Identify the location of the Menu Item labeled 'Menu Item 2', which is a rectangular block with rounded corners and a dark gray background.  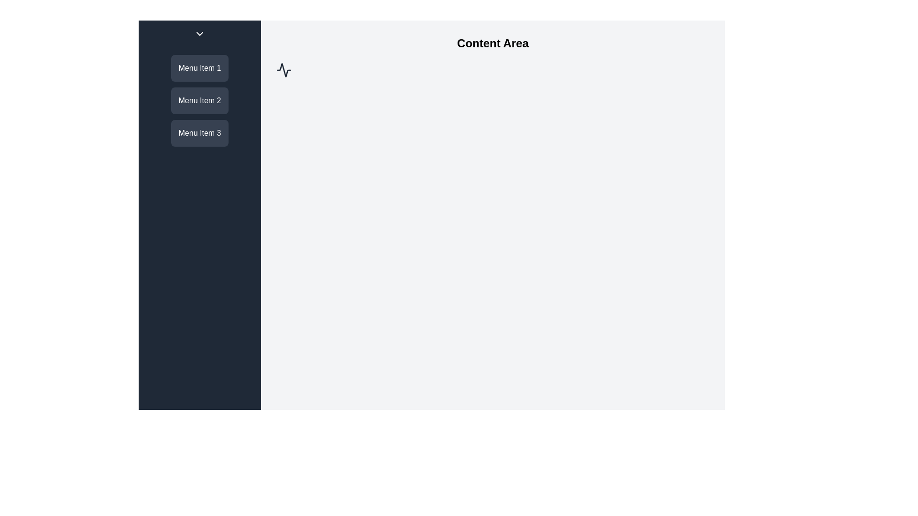
(199, 101).